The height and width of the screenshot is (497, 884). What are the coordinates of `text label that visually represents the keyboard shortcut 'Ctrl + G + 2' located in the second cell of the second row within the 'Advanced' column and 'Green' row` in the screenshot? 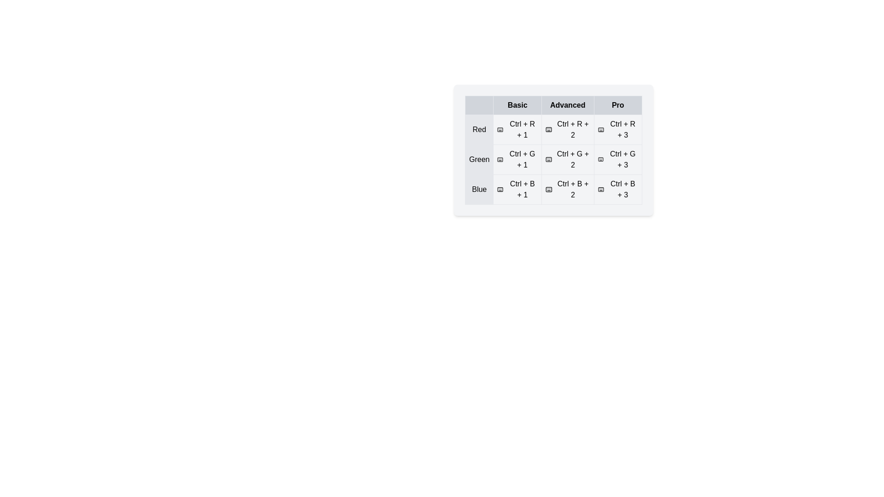 It's located at (567, 159).